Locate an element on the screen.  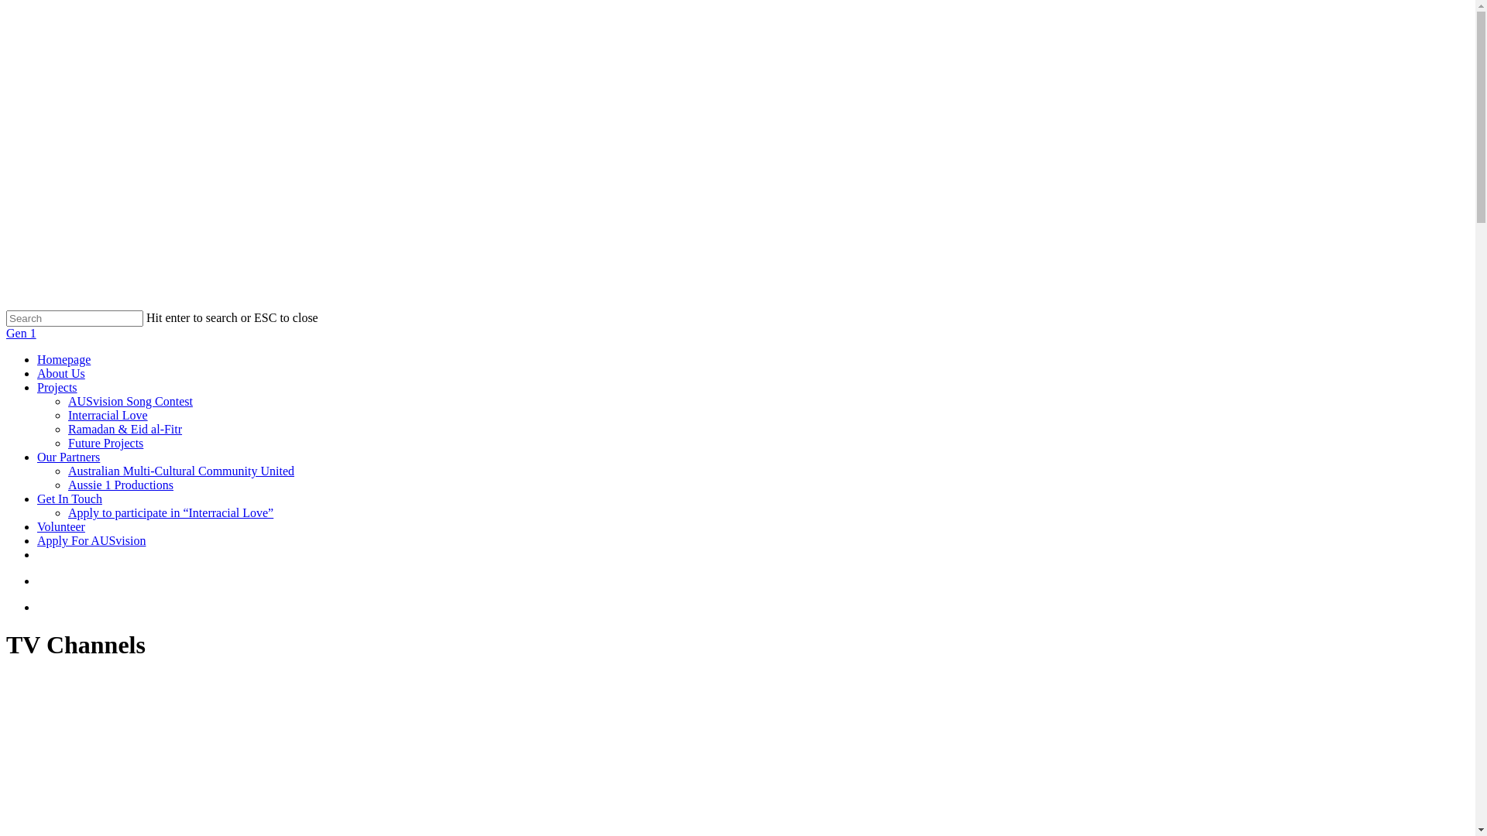
'Gen 1' is located at coordinates (21, 332).